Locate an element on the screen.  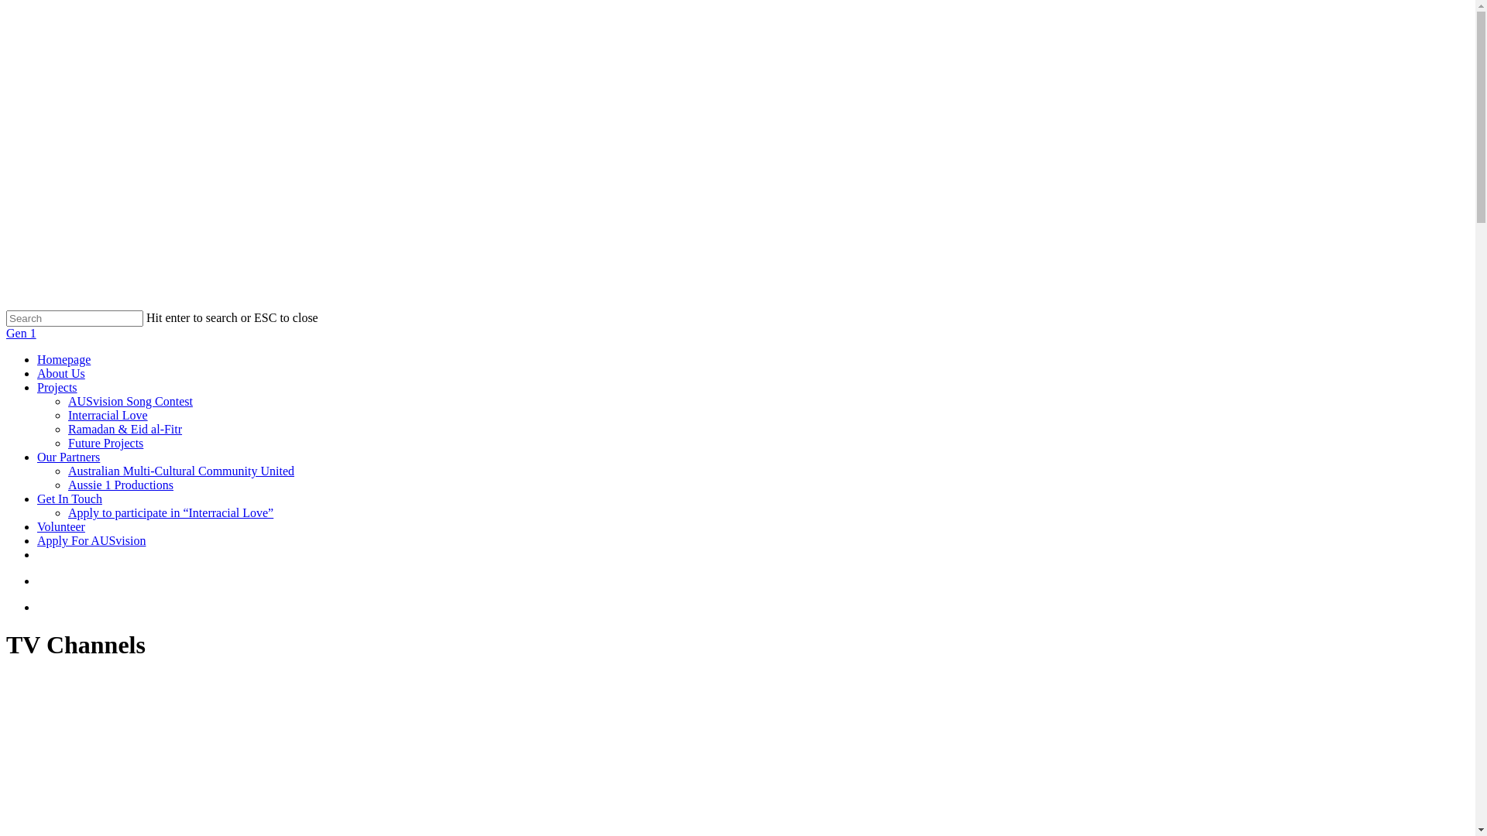
'Gen 1' is located at coordinates (21, 332).